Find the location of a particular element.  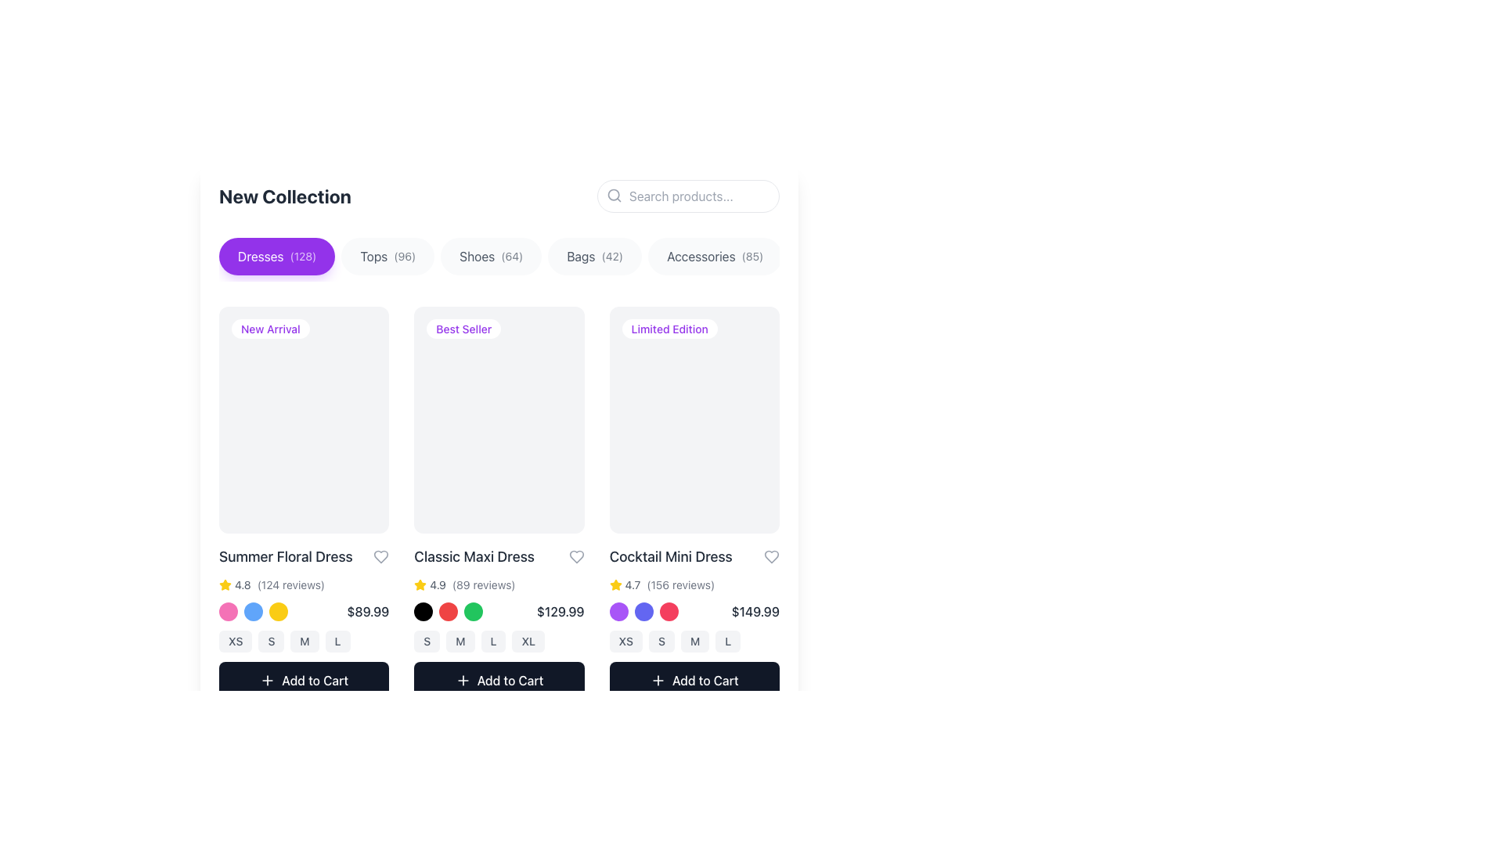

the second circular color selection button is located at coordinates (254, 609).